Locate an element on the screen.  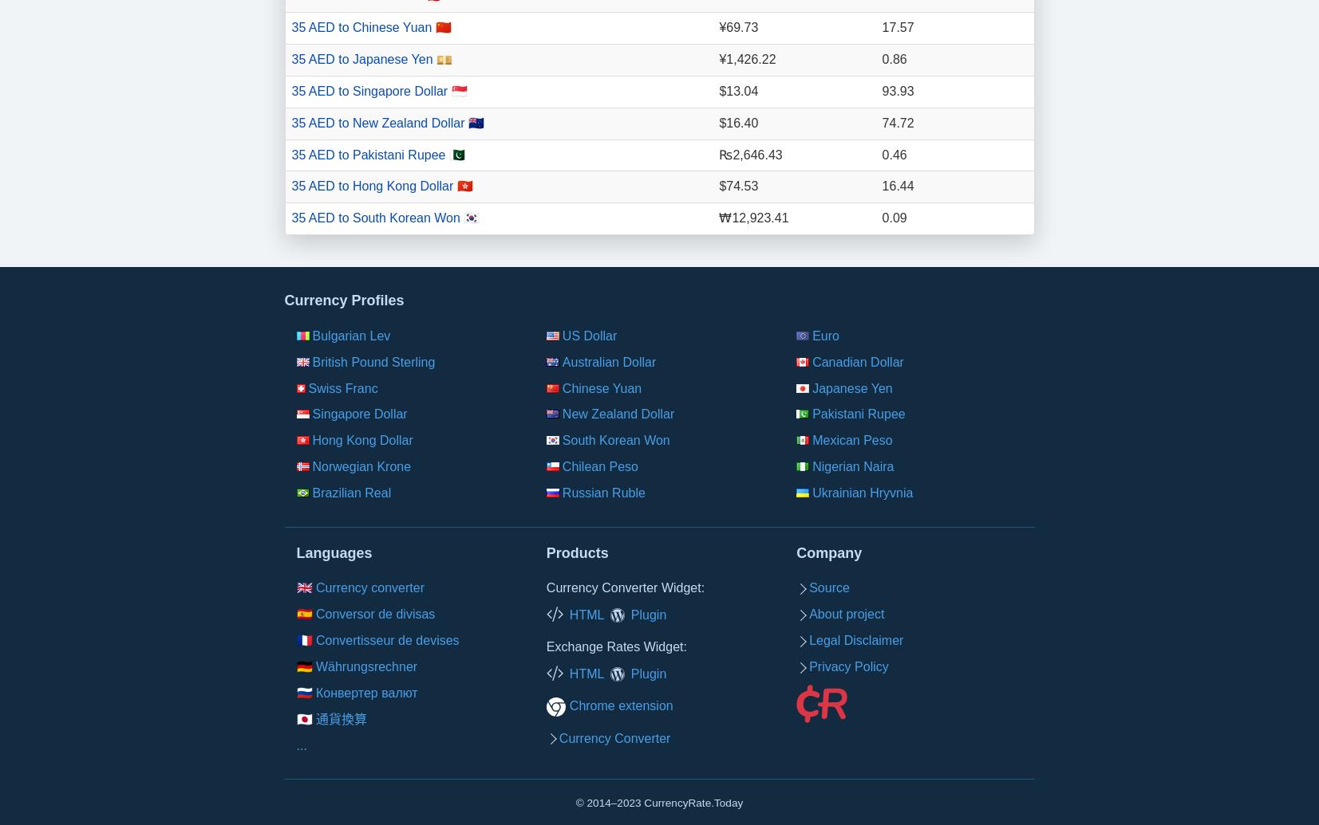
'Currency Profiles' is located at coordinates (342, 301).